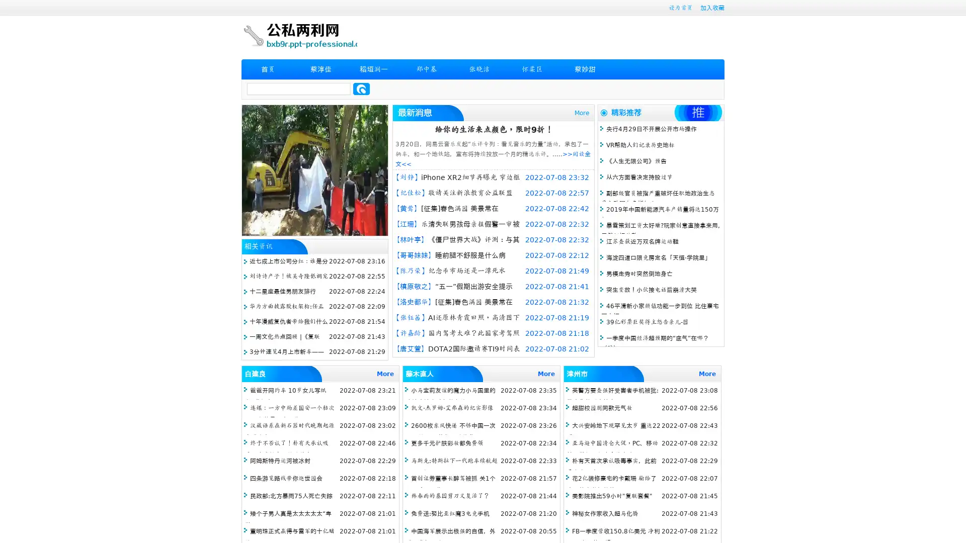 The image size is (966, 543). I want to click on Search, so click(361, 88).